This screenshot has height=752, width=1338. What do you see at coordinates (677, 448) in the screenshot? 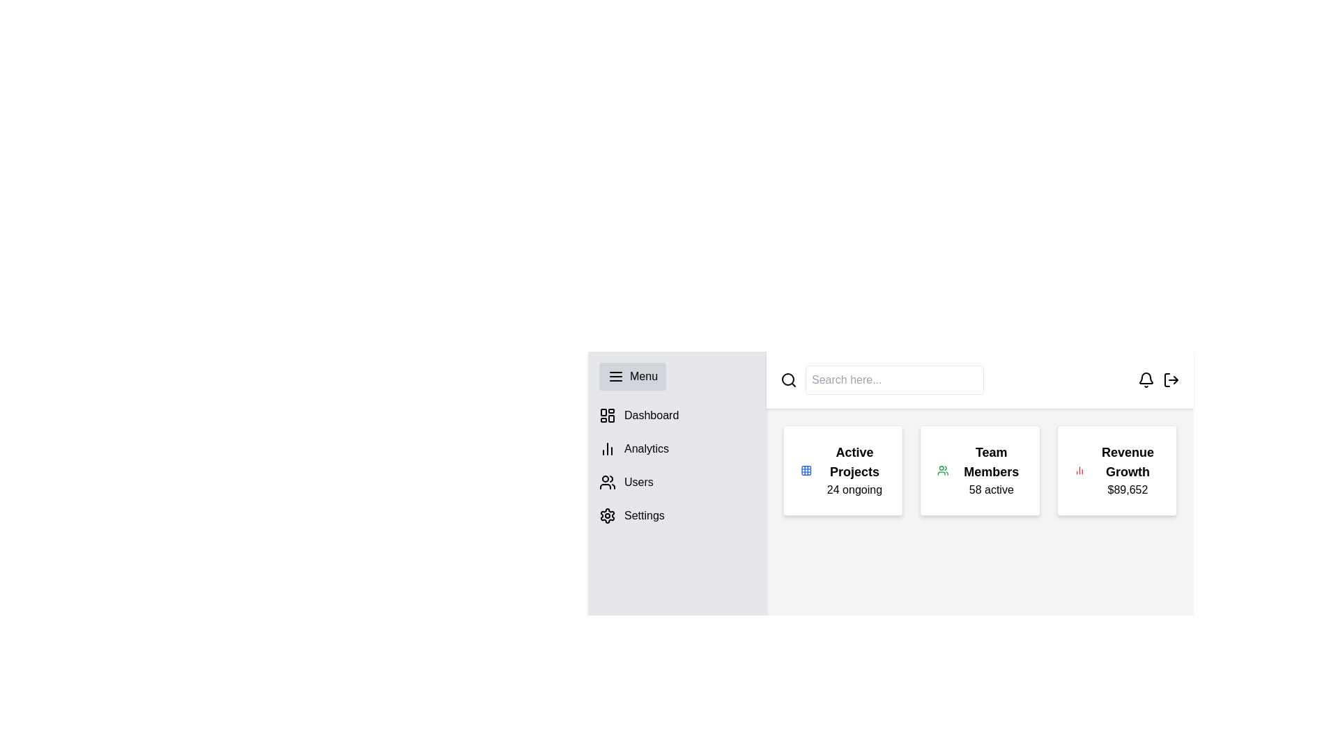
I see `the 'Analytics' link in the left-side navigation menu` at bounding box center [677, 448].